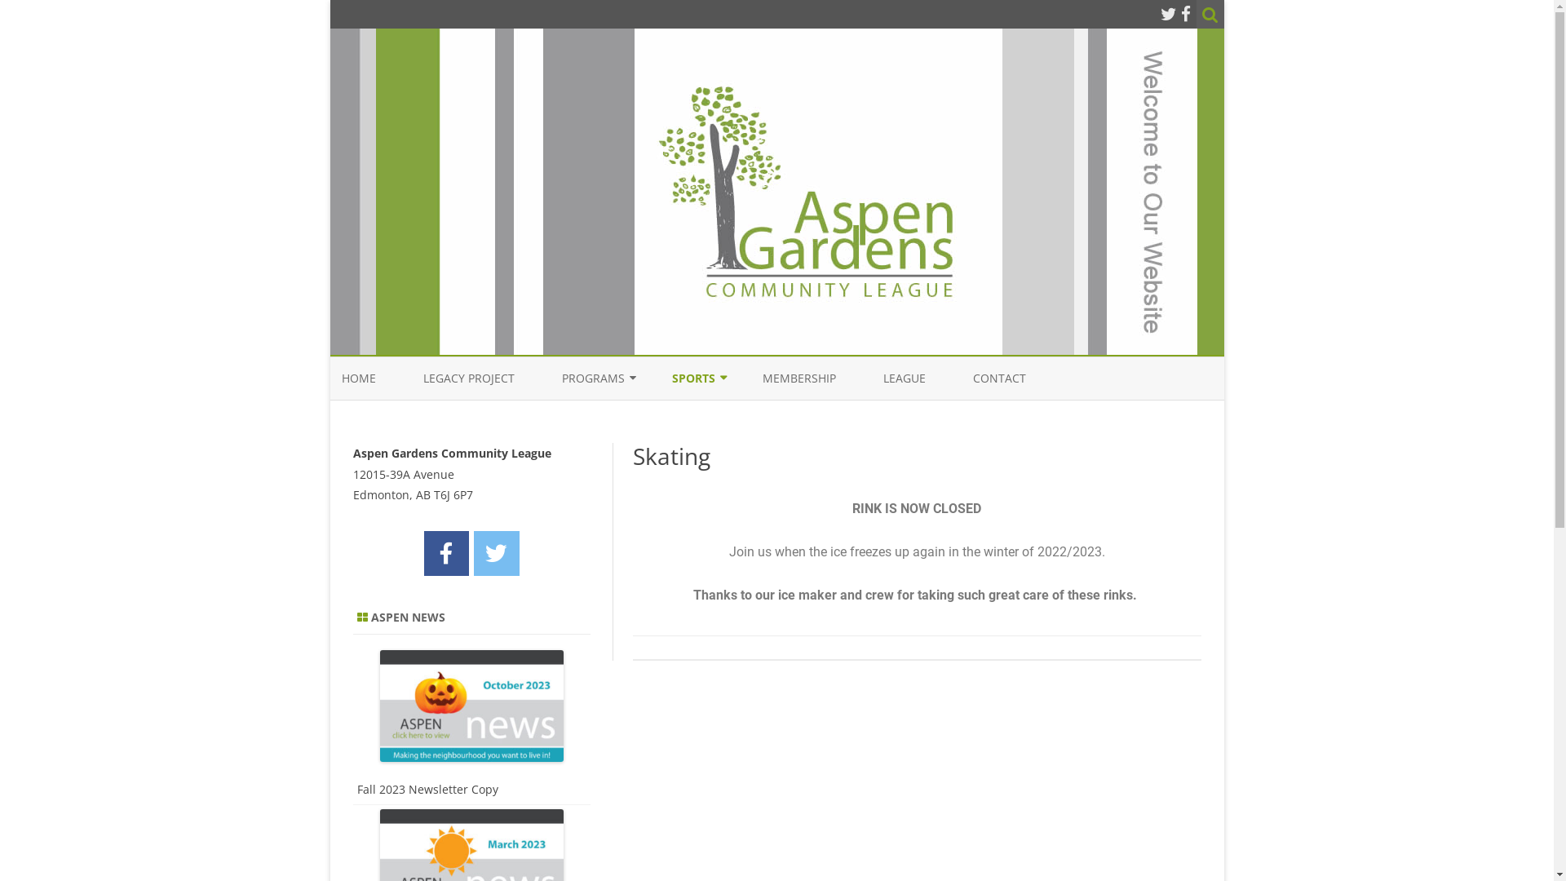  I want to click on 'MEMBERSHIP', so click(798, 378).